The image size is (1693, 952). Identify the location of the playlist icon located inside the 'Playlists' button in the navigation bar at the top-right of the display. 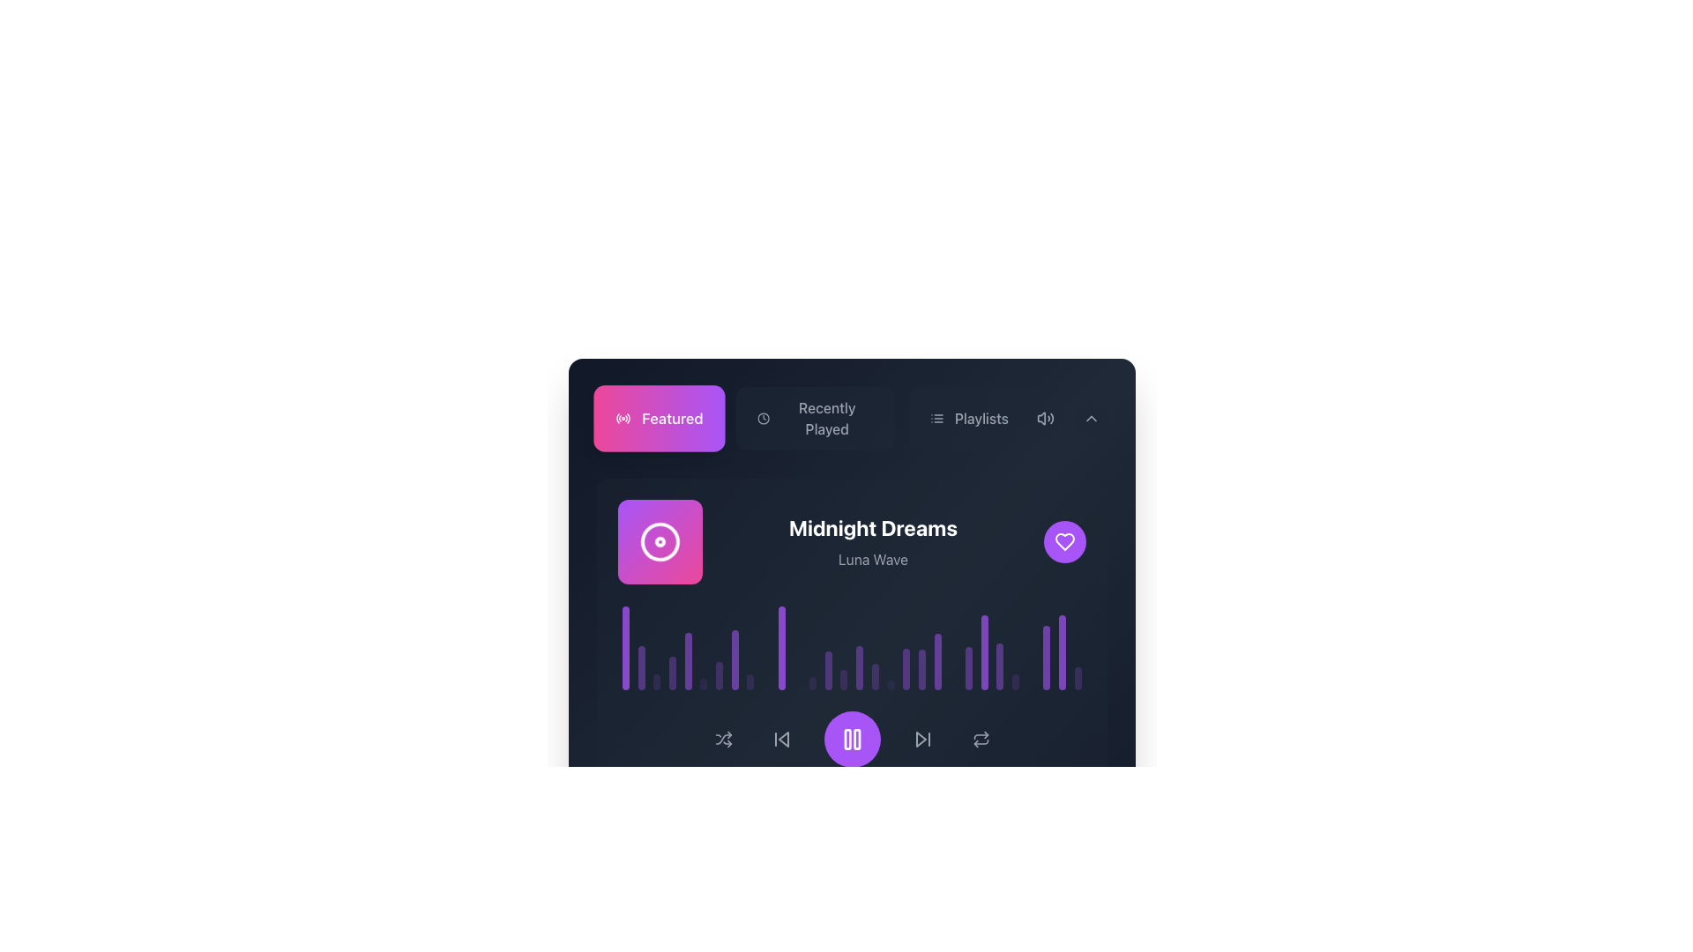
(936, 418).